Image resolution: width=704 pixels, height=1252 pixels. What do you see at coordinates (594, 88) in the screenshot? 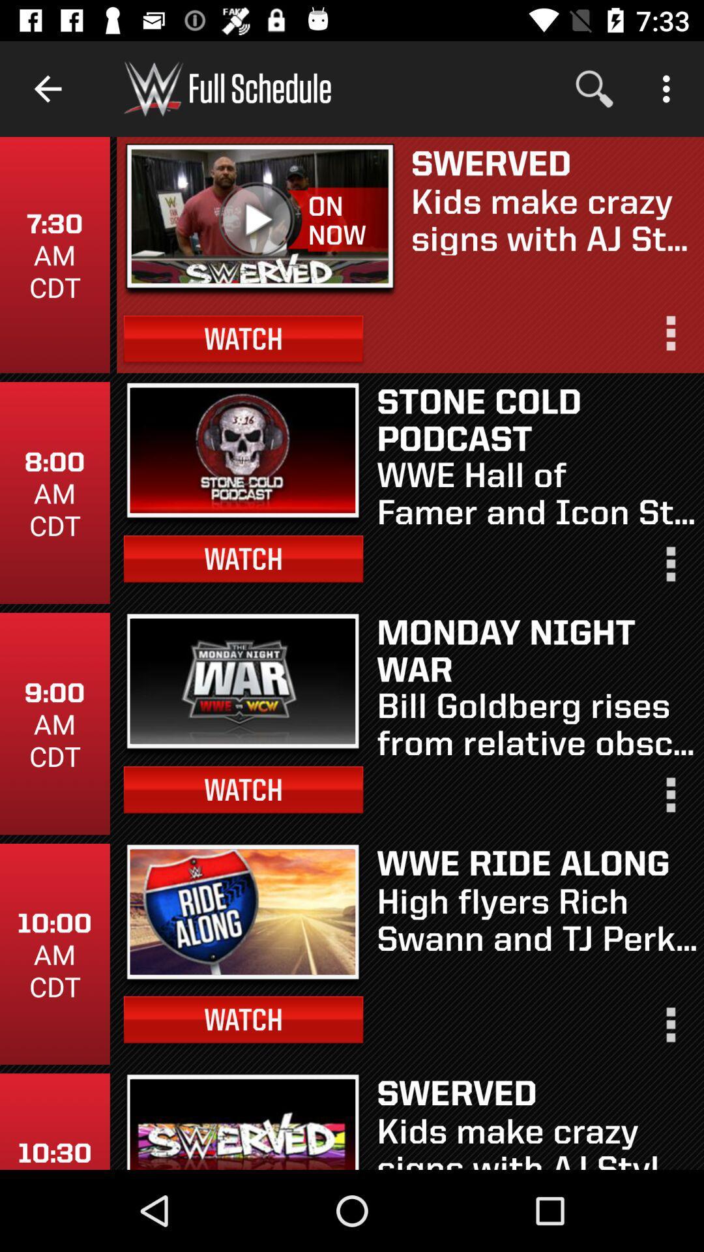
I see `the item above the swerved icon` at bounding box center [594, 88].